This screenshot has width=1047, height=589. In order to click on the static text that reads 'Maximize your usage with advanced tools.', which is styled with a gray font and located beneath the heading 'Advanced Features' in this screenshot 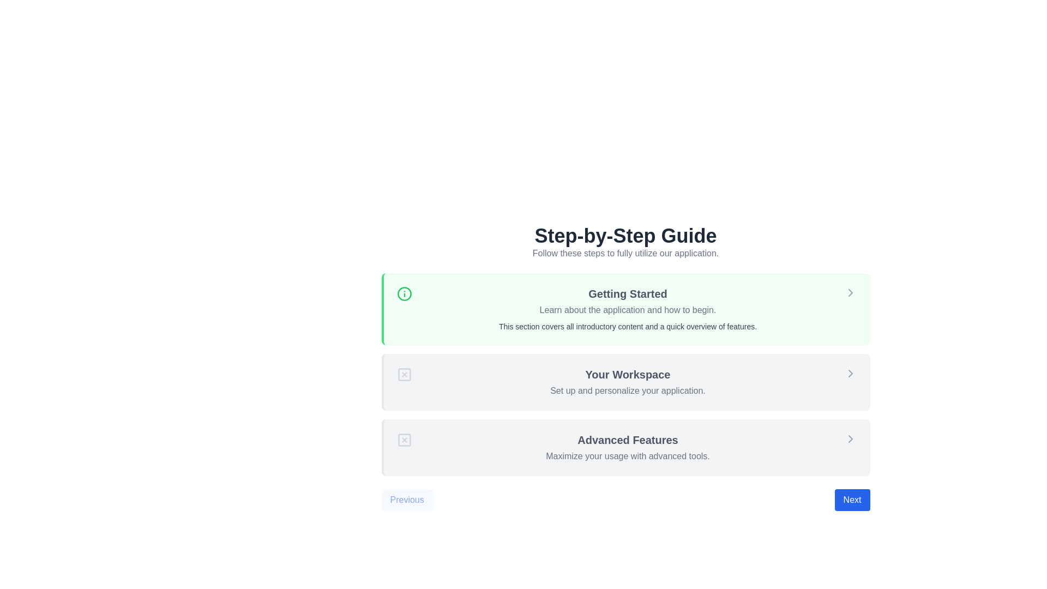, I will do `click(628, 456)`.